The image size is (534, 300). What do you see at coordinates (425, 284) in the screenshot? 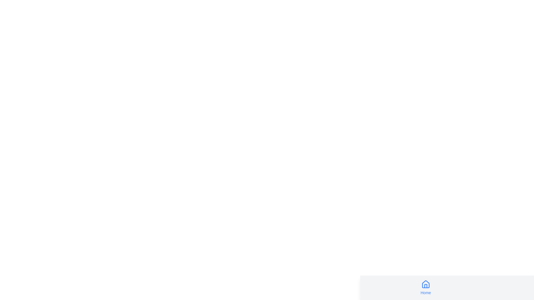
I see `the house icon` at bounding box center [425, 284].